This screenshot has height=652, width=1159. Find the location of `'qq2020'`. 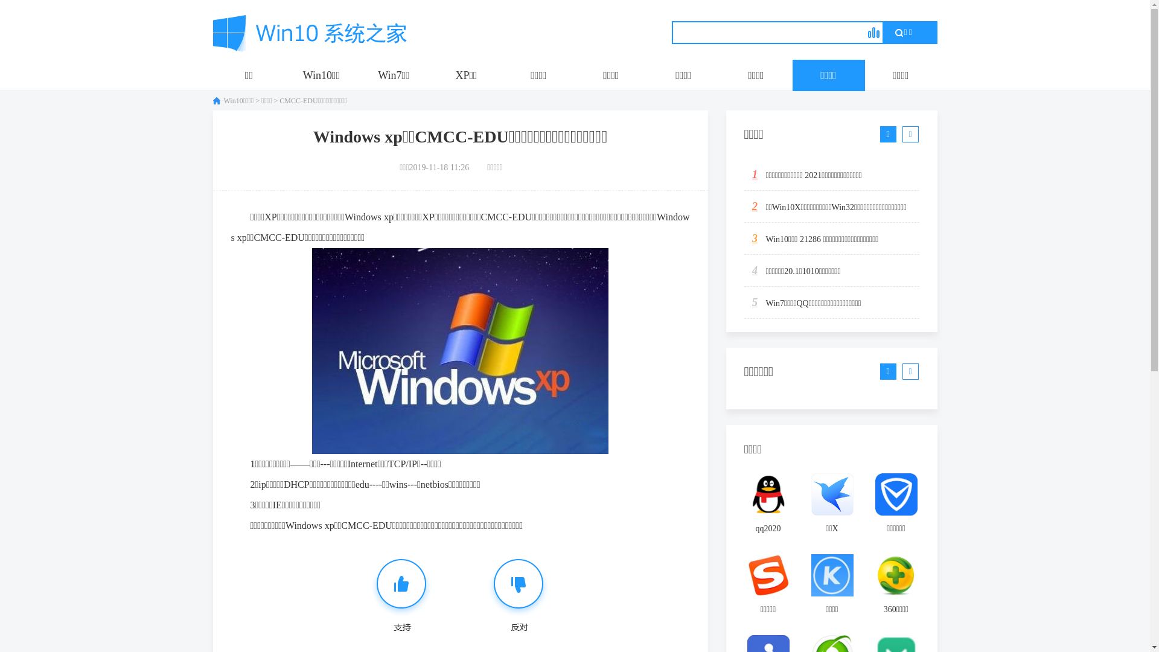

'qq2020' is located at coordinates (767, 507).